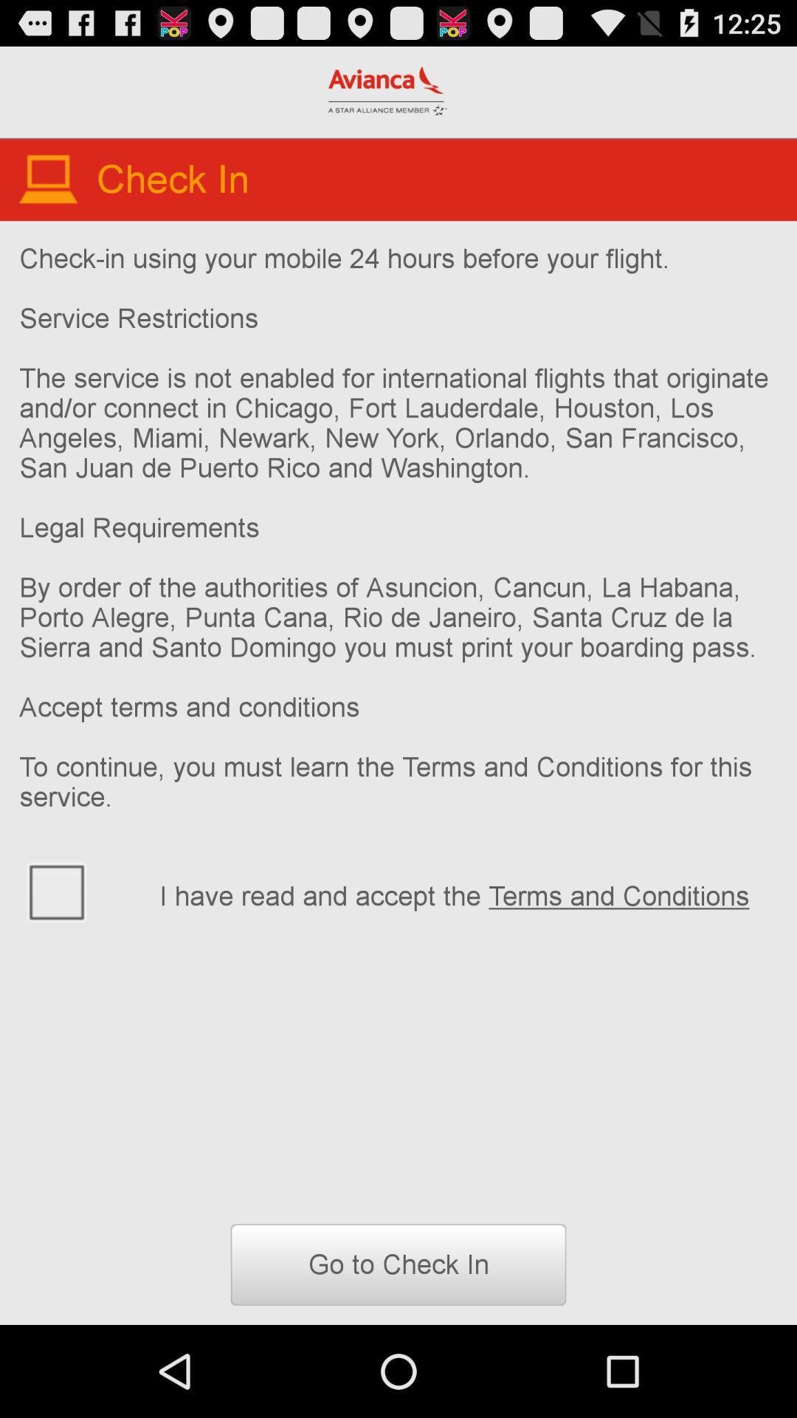  Describe the element at coordinates (398, 1264) in the screenshot. I see `the item at the bottom` at that location.